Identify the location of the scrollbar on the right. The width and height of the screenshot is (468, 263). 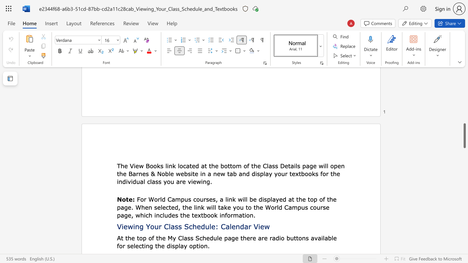
(464, 87).